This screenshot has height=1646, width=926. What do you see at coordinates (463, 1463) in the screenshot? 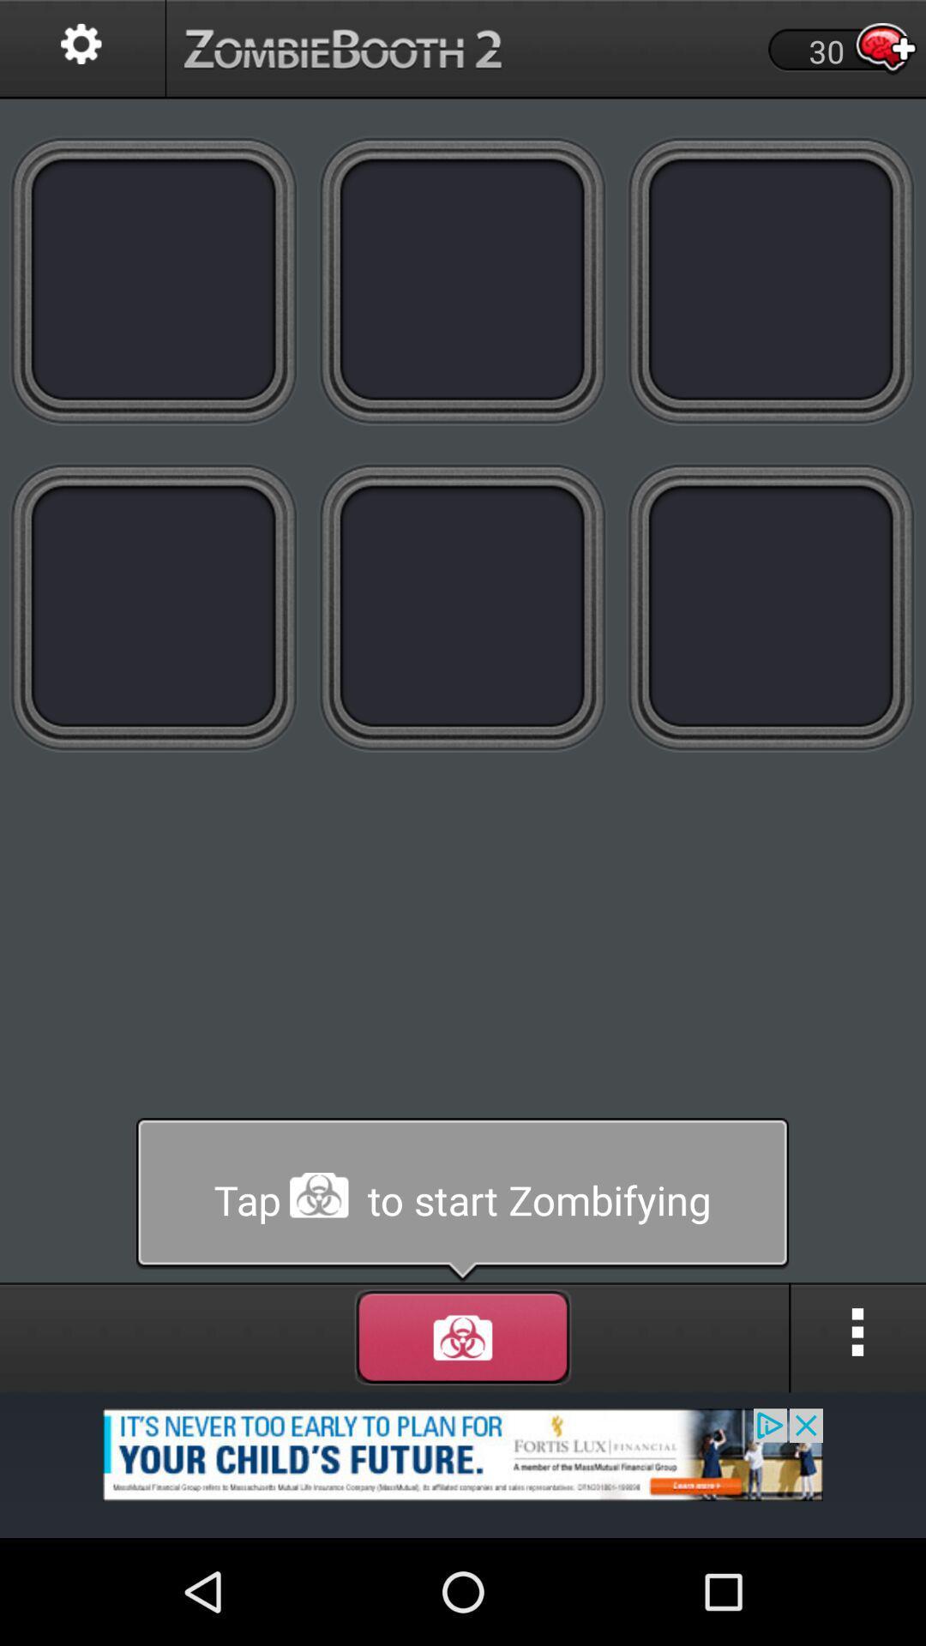
I see `advertisement page` at bounding box center [463, 1463].